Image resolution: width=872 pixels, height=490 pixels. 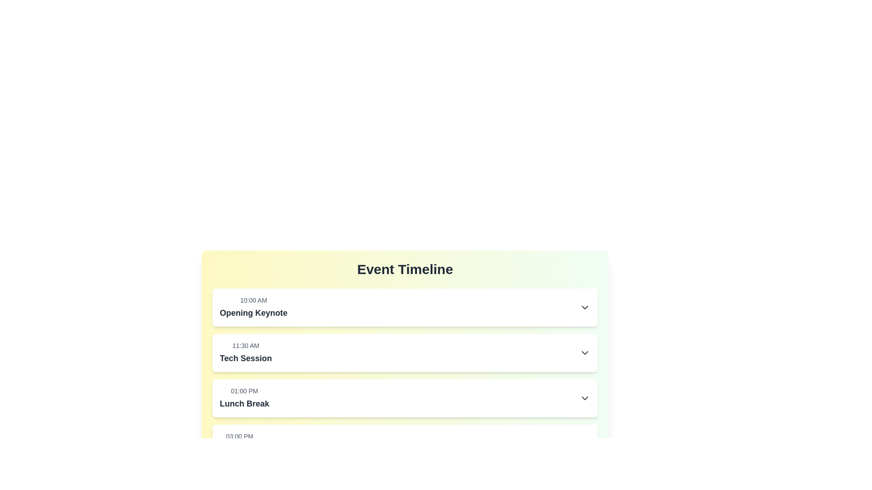 I want to click on the timestamp label displaying '01:00 PM' located under the 'Lunch Break' heading in the timeline, so click(x=244, y=390).